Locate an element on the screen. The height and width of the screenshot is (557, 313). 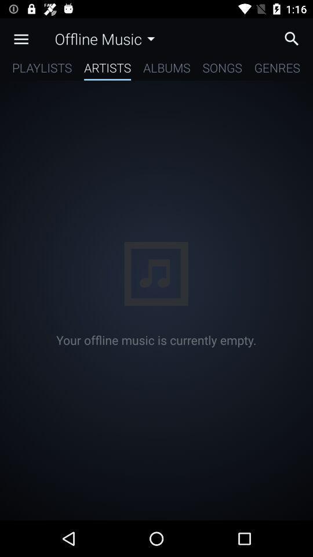
genres app is located at coordinates (276, 70).